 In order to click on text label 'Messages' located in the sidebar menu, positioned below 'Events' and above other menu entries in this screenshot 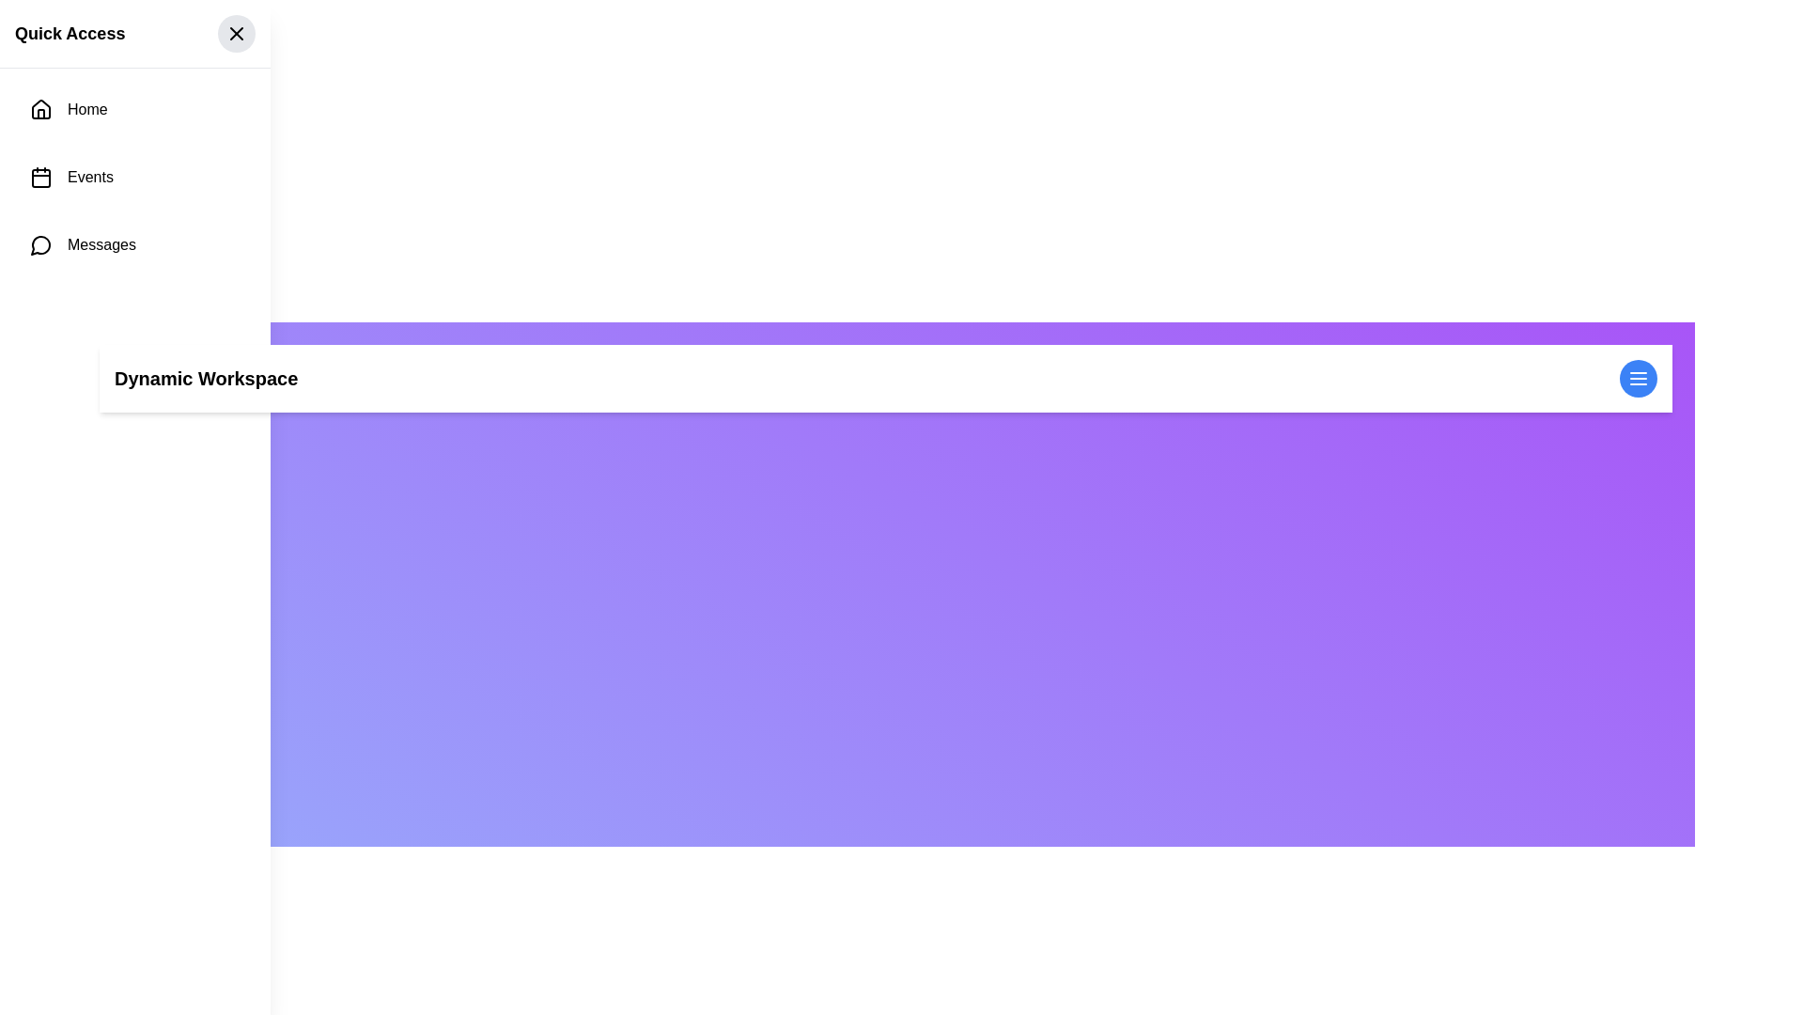, I will do `click(101, 244)`.